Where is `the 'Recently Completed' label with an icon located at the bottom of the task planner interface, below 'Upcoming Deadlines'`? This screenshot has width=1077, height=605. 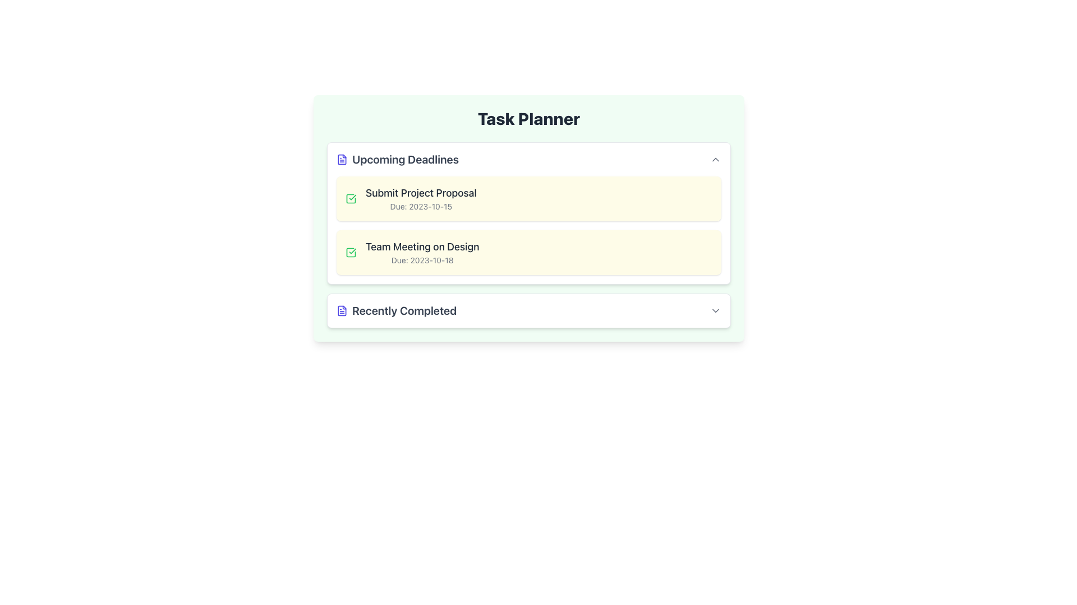
the 'Recently Completed' label with an icon located at the bottom of the task planner interface, below 'Upcoming Deadlines' is located at coordinates (397, 311).